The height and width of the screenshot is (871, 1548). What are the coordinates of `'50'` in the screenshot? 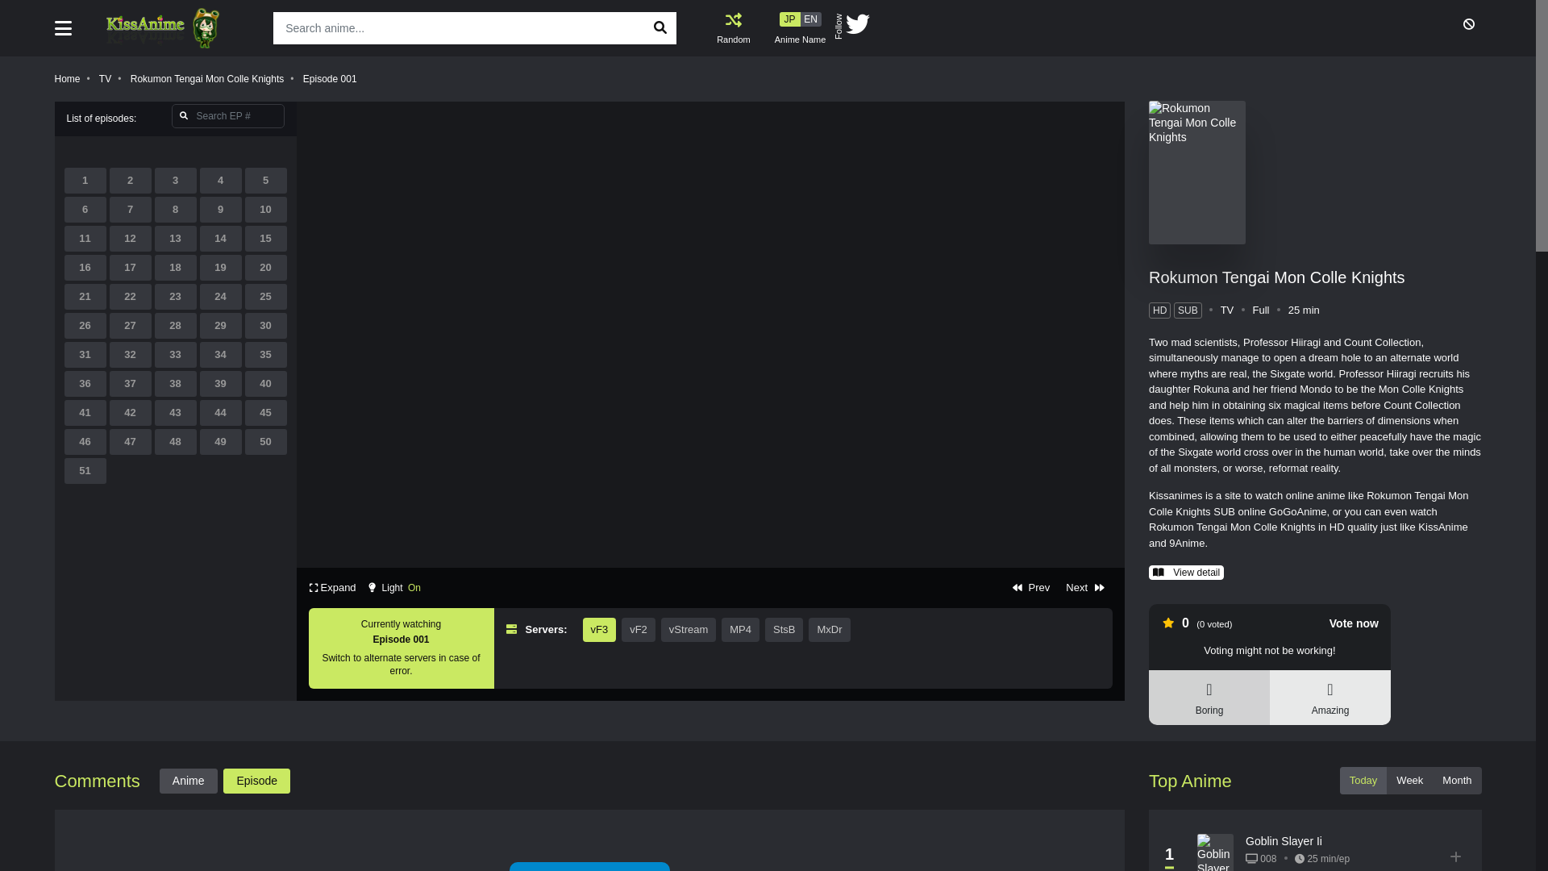 It's located at (243, 441).